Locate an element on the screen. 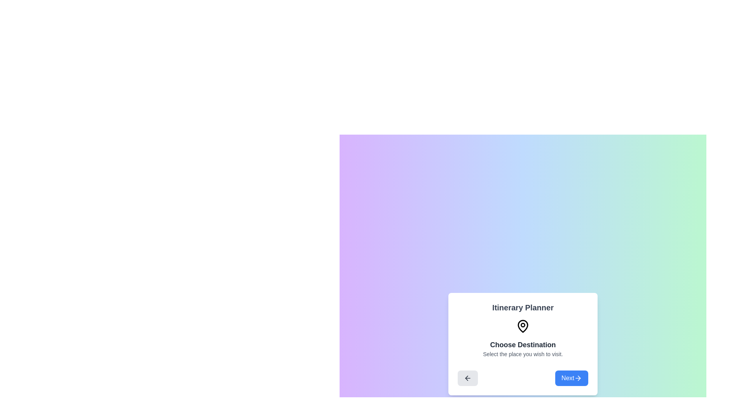 The width and height of the screenshot is (746, 419). the map pin icon located above the texts 'Choose Destination' and 'Select the place you wish to visit' in the vertical layout card is located at coordinates (523, 326).